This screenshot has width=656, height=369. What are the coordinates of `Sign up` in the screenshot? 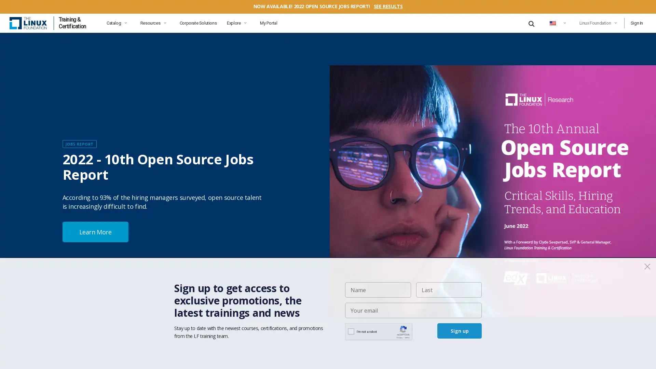 It's located at (459, 330).